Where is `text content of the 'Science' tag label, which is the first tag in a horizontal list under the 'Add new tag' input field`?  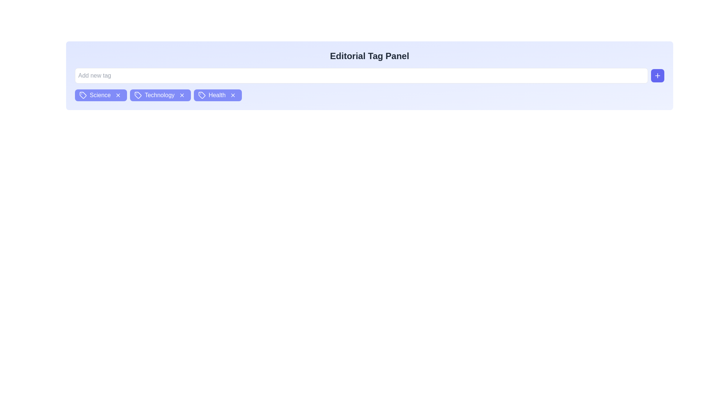
text content of the 'Science' tag label, which is the first tag in a horizontal list under the 'Add new tag' input field is located at coordinates (100, 95).